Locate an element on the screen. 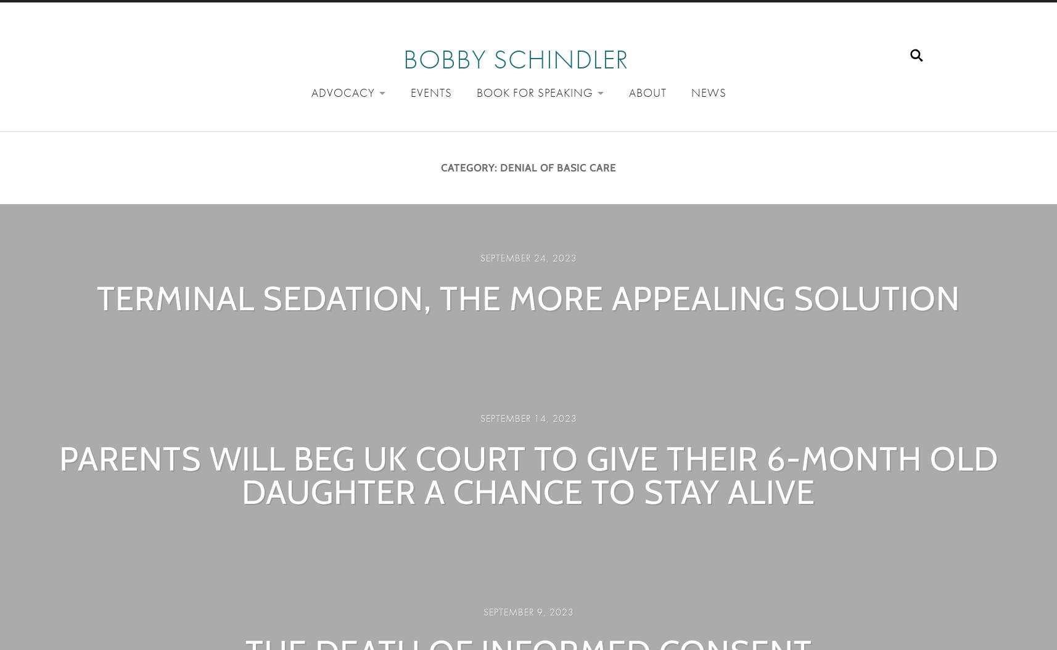 This screenshot has height=650, width=1057. 'Bobby Schindler' is located at coordinates (403, 59).